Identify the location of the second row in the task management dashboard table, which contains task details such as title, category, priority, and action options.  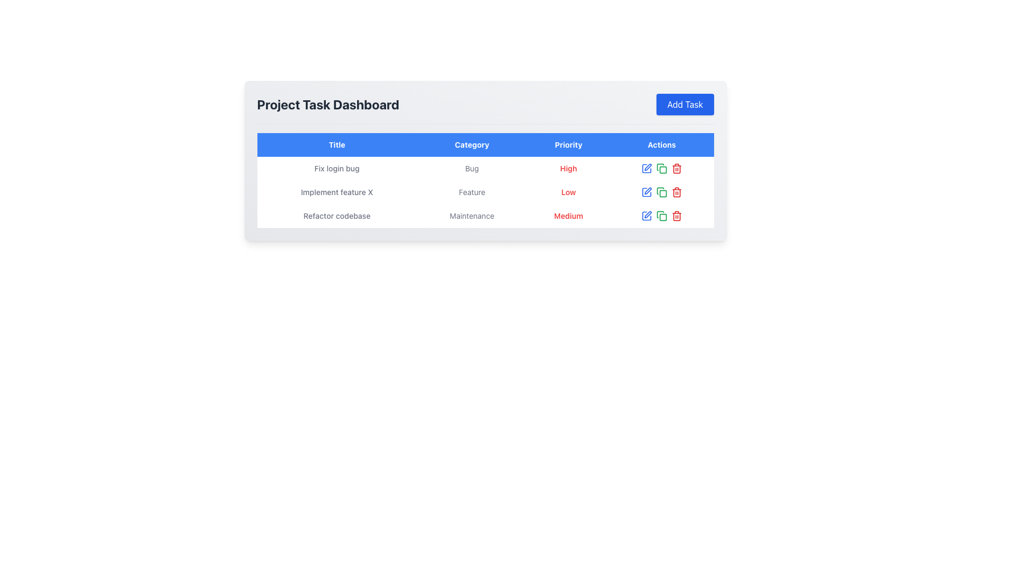
(485, 192).